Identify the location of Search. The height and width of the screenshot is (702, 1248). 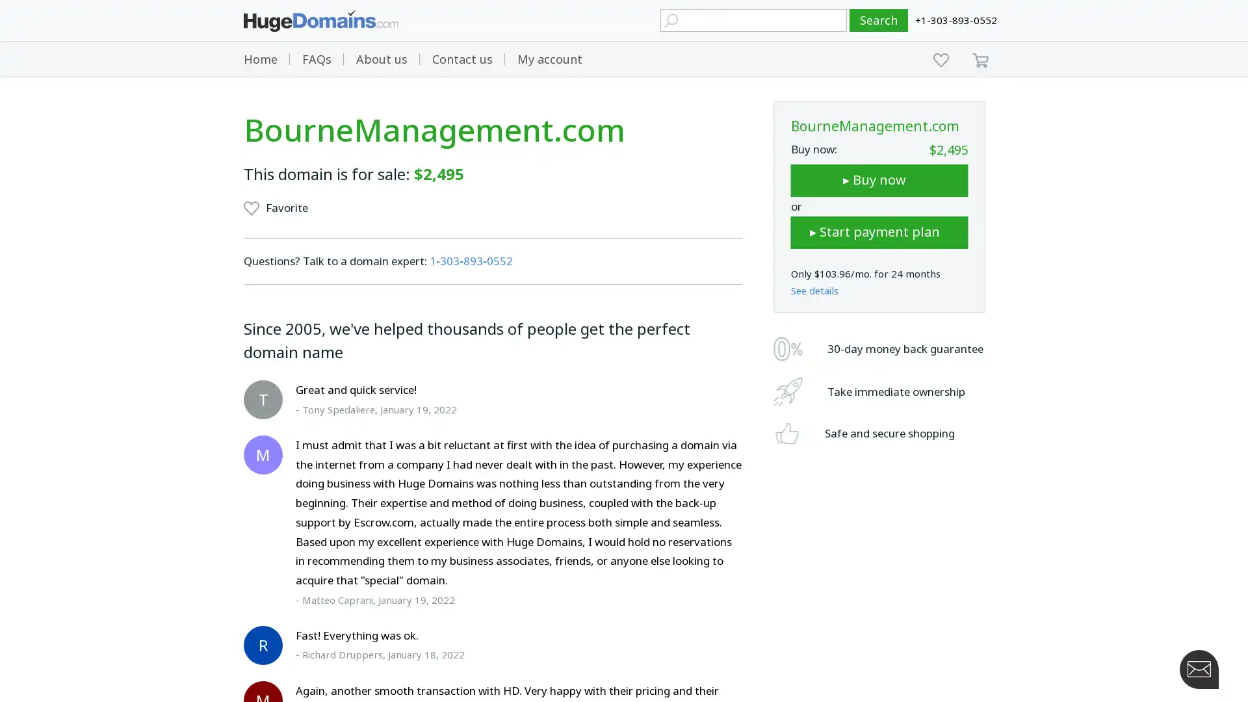
(879, 20).